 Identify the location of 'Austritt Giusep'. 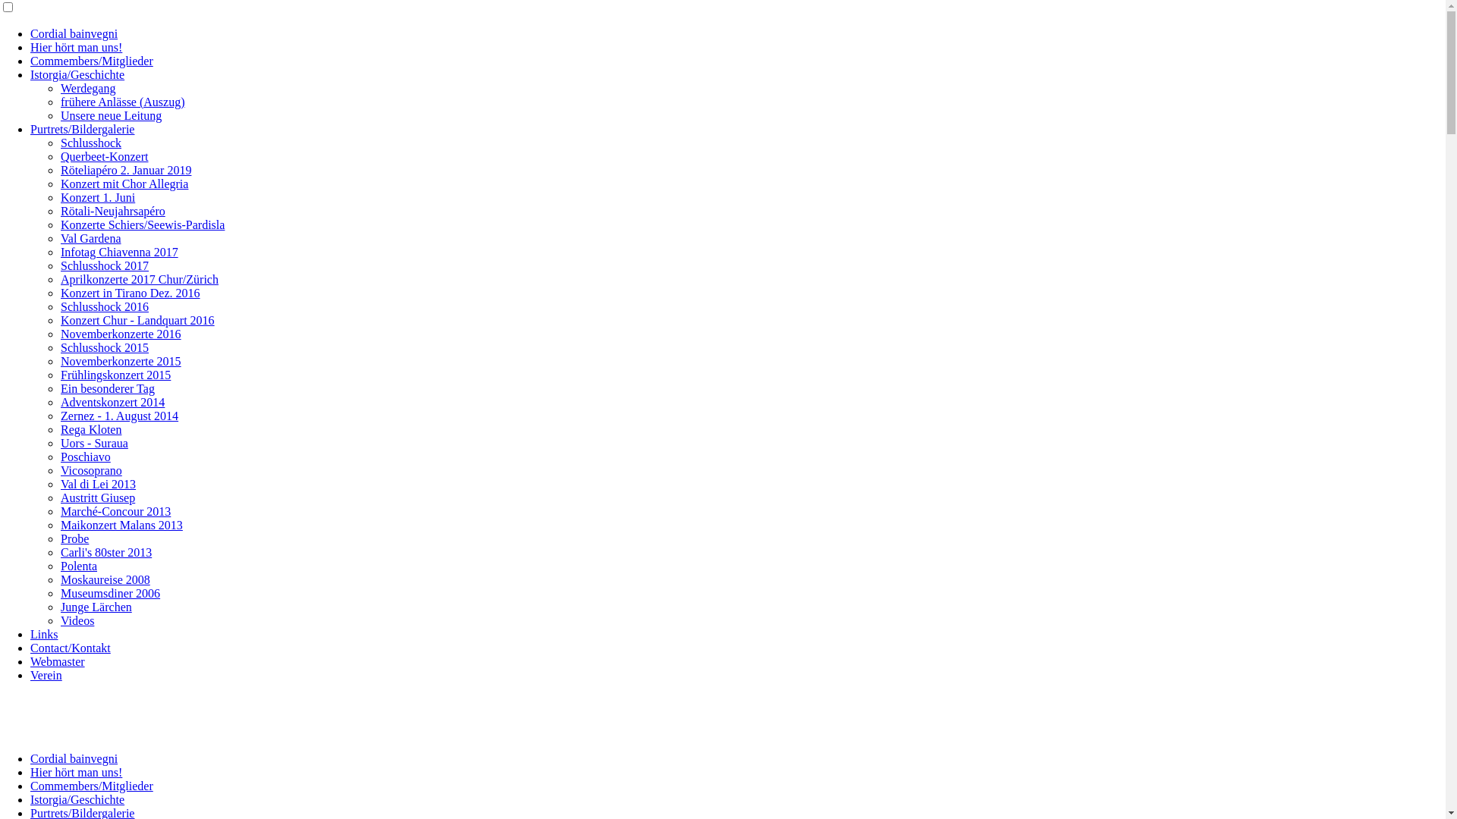
(97, 497).